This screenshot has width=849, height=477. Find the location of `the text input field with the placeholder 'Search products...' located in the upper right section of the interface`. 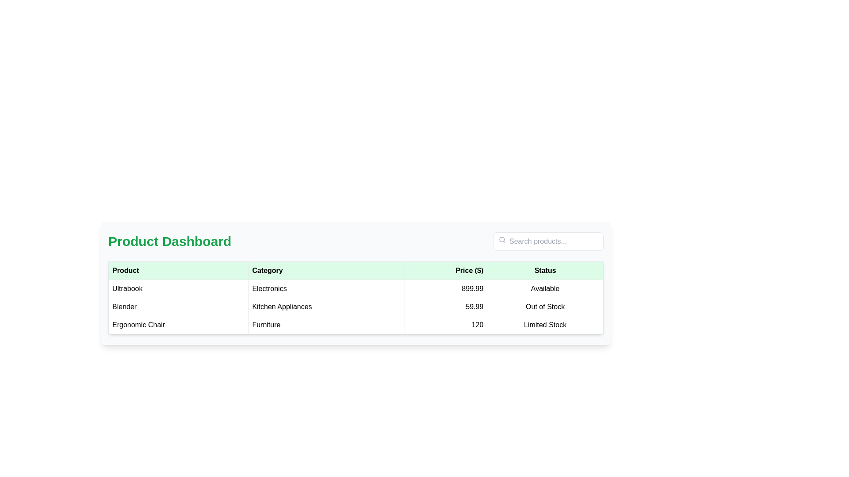

the text input field with the placeholder 'Search products...' located in the upper right section of the interface is located at coordinates (553, 242).